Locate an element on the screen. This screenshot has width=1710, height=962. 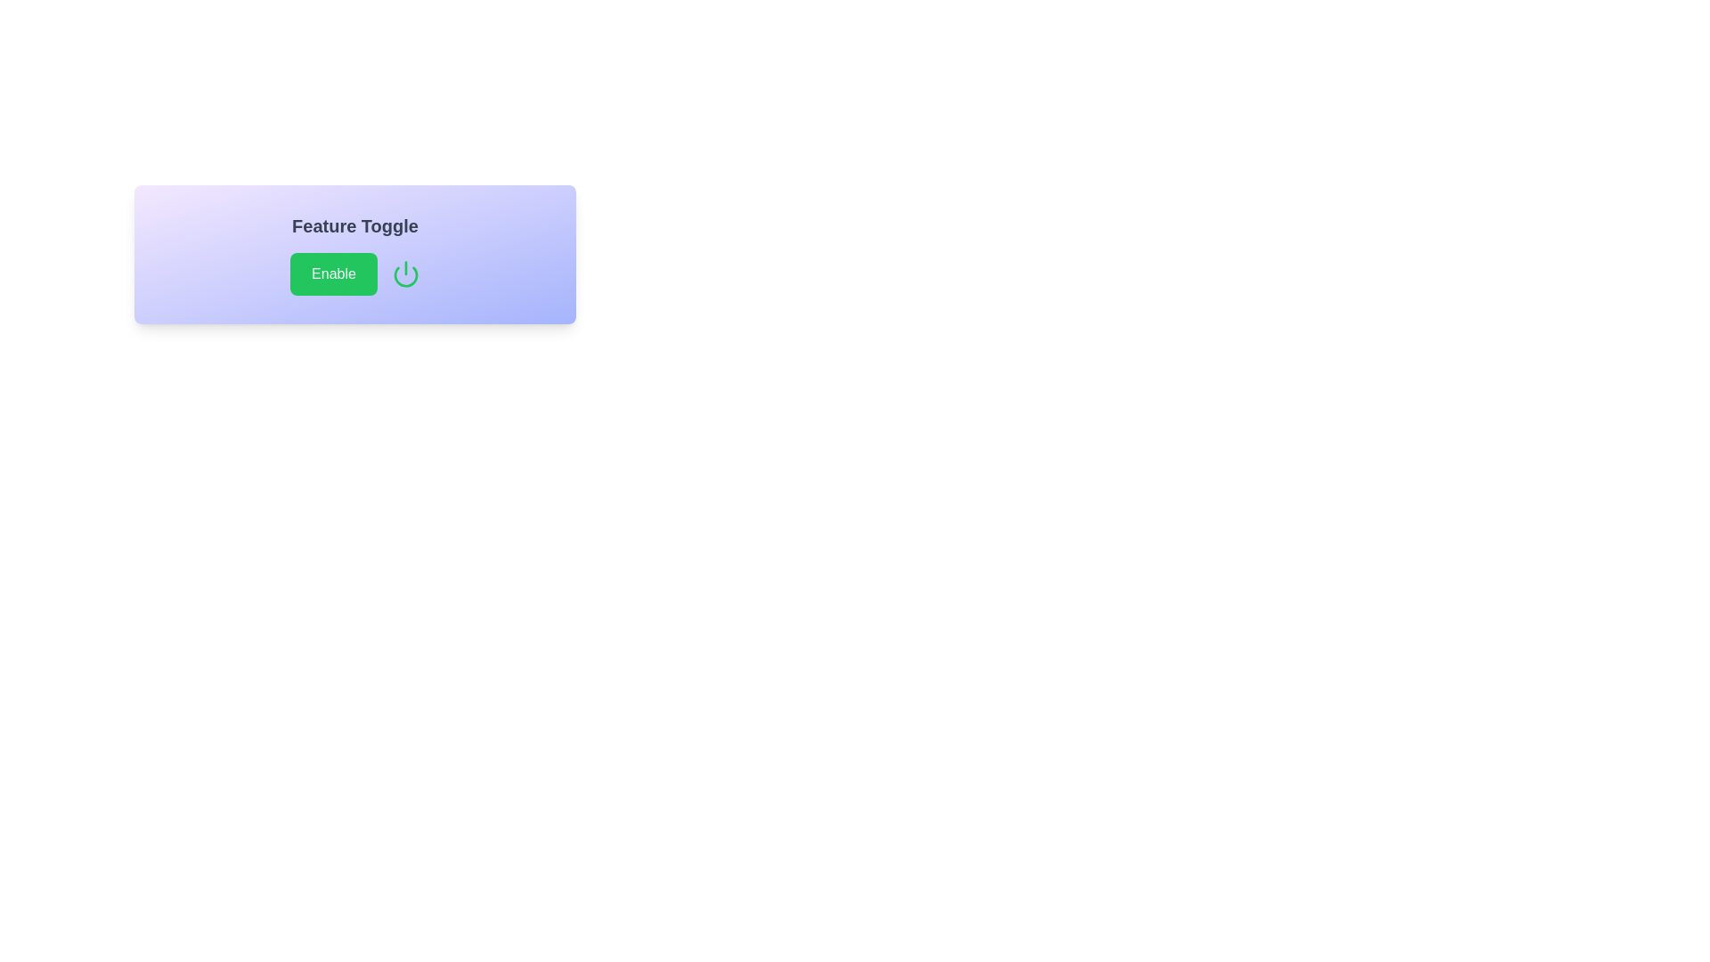
the button labeled 'Enable' to toggle the feature is located at coordinates (333, 274).